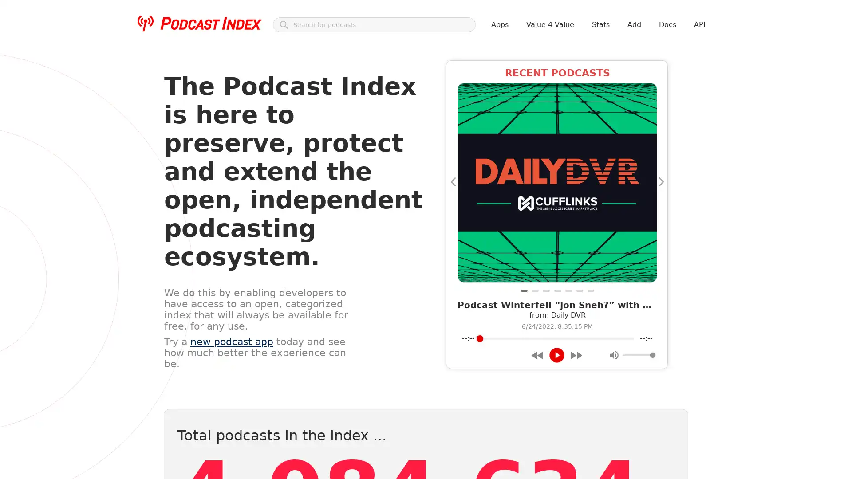  What do you see at coordinates (568, 291) in the screenshot?
I see `Hvorfor navneskifte?` at bounding box center [568, 291].